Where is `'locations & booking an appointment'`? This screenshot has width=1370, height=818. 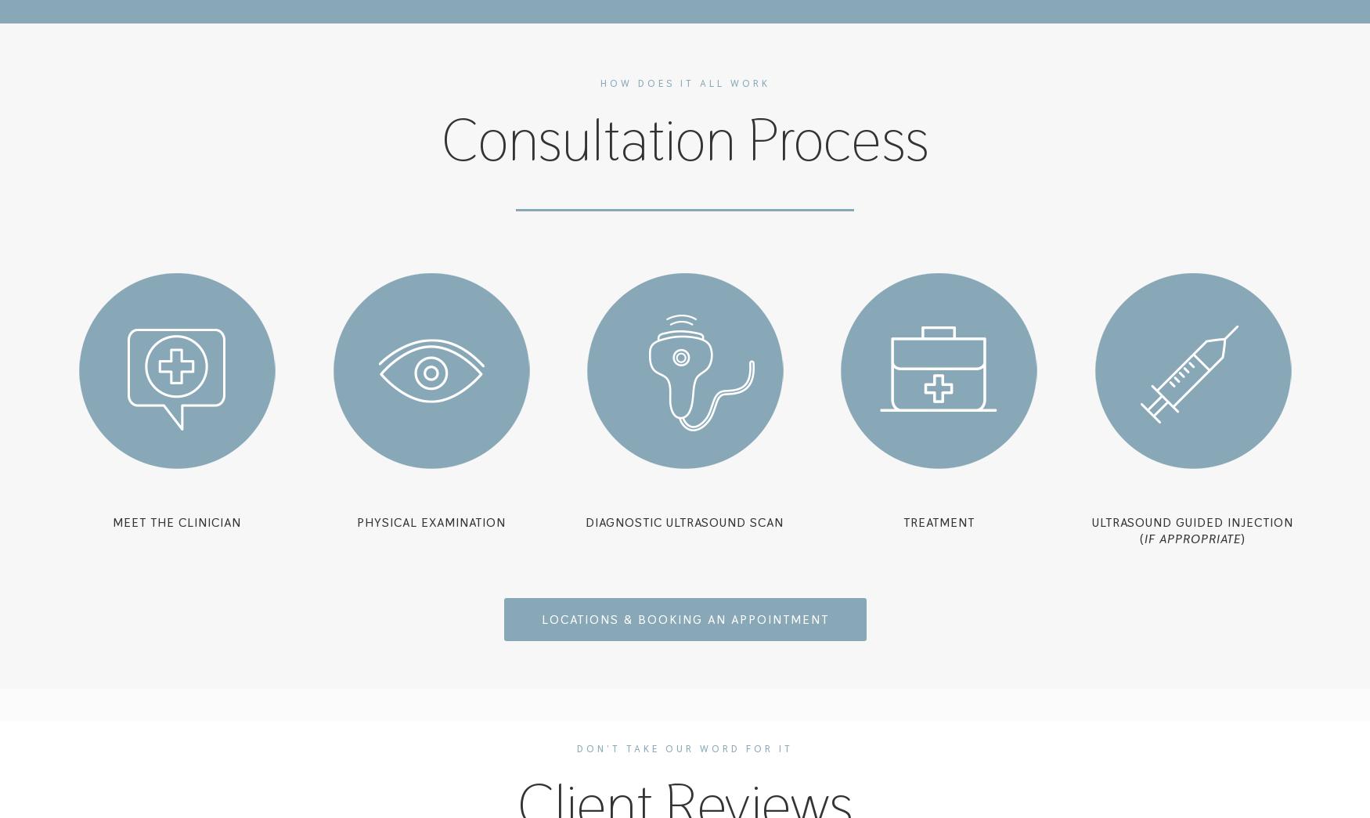 'locations & booking an appointment' is located at coordinates (684, 618).